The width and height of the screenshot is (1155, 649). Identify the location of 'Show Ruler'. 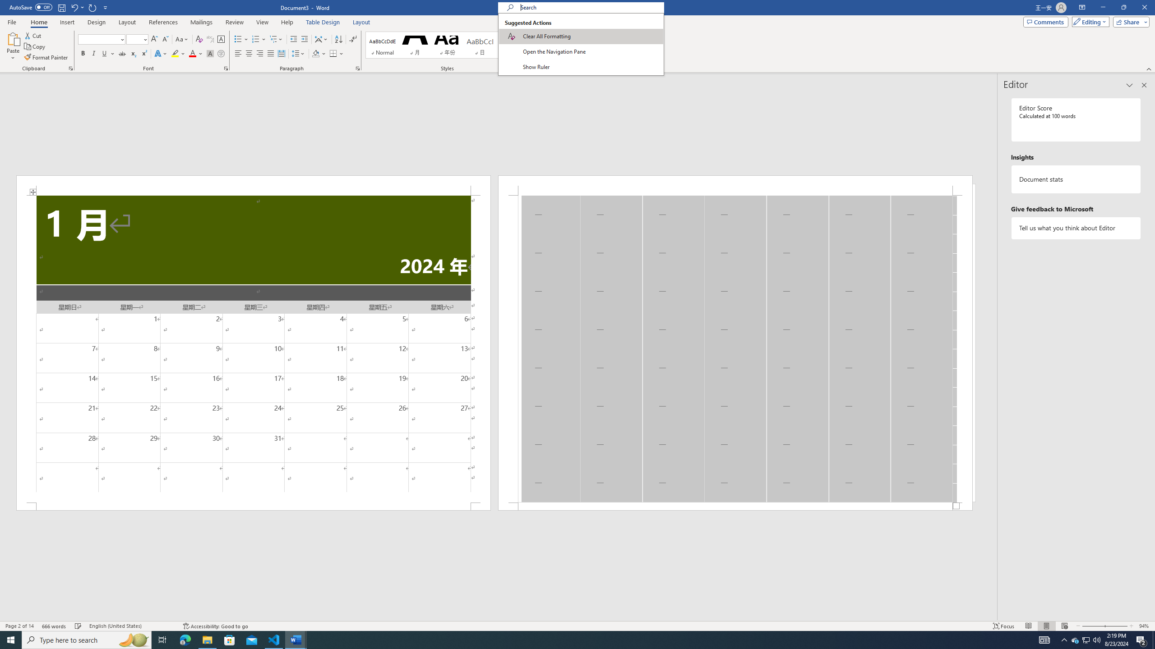
(581, 67).